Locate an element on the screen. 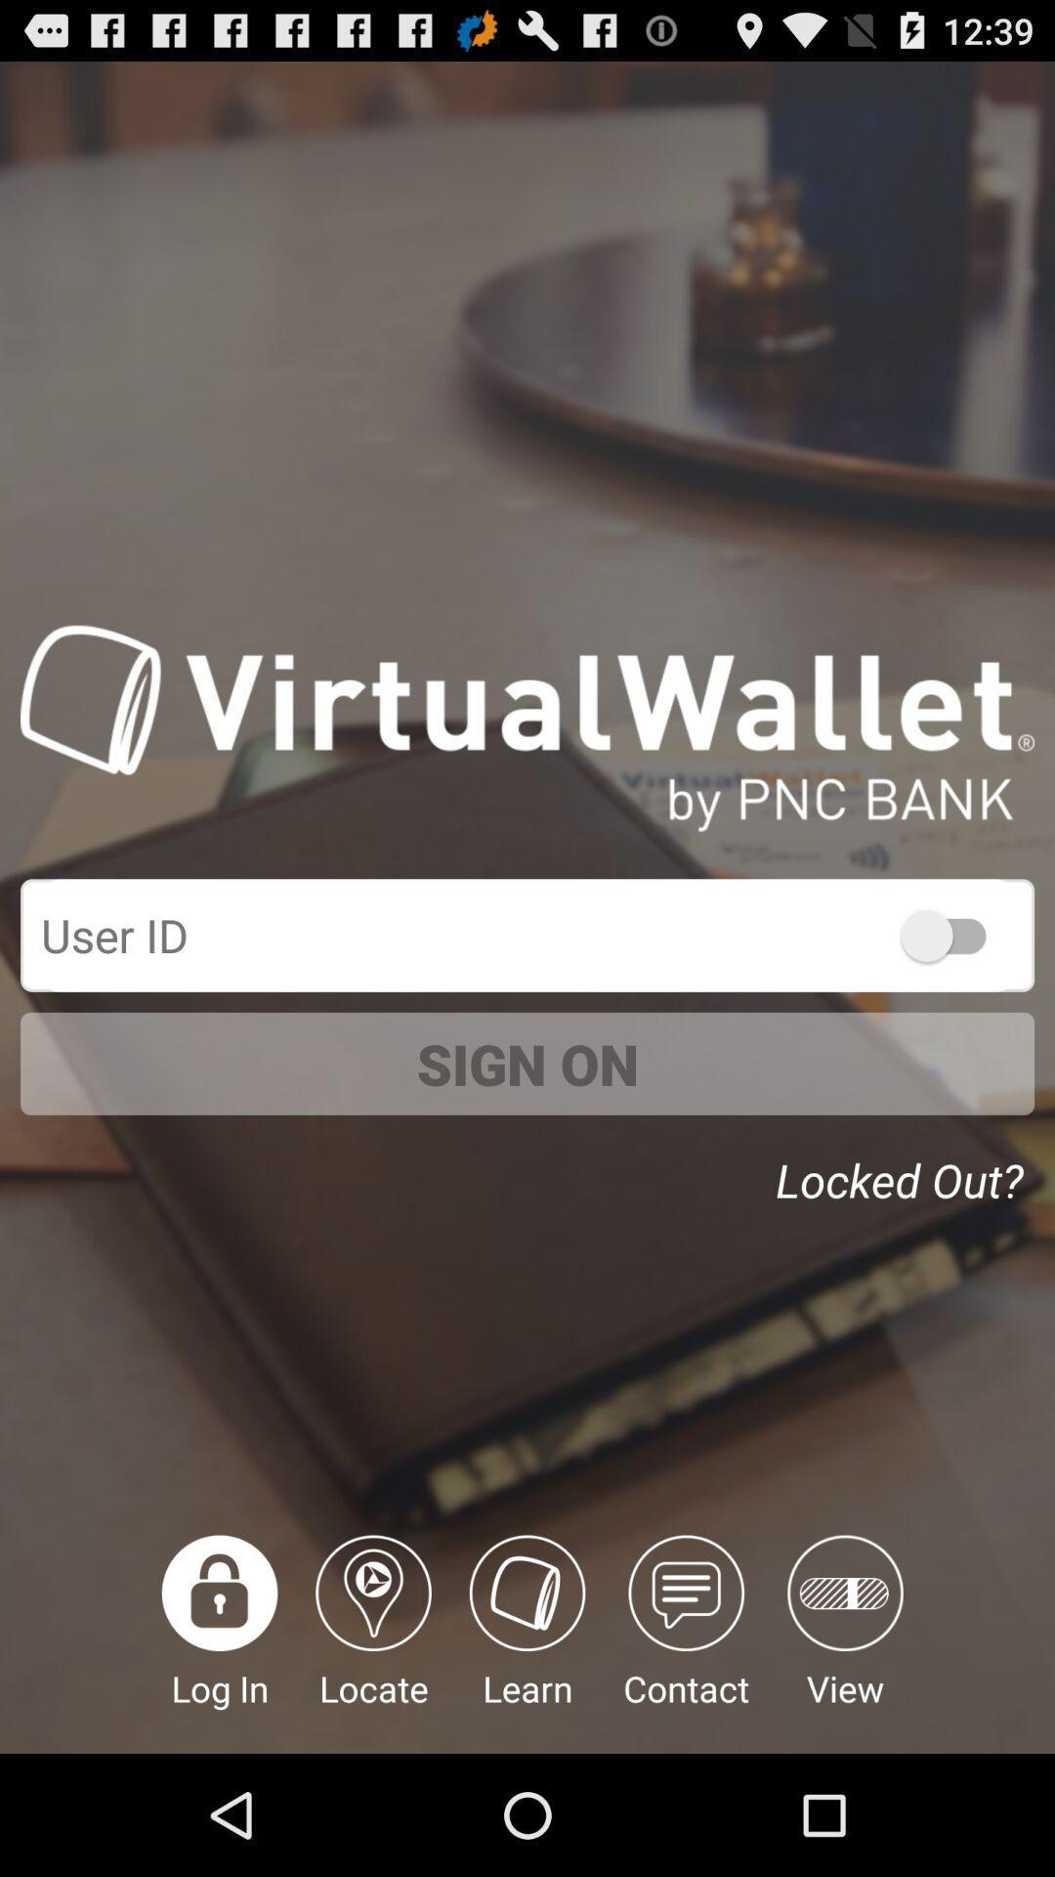 Image resolution: width=1055 pixels, height=1877 pixels. the item above the contact icon is located at coordinates (905, 1173).